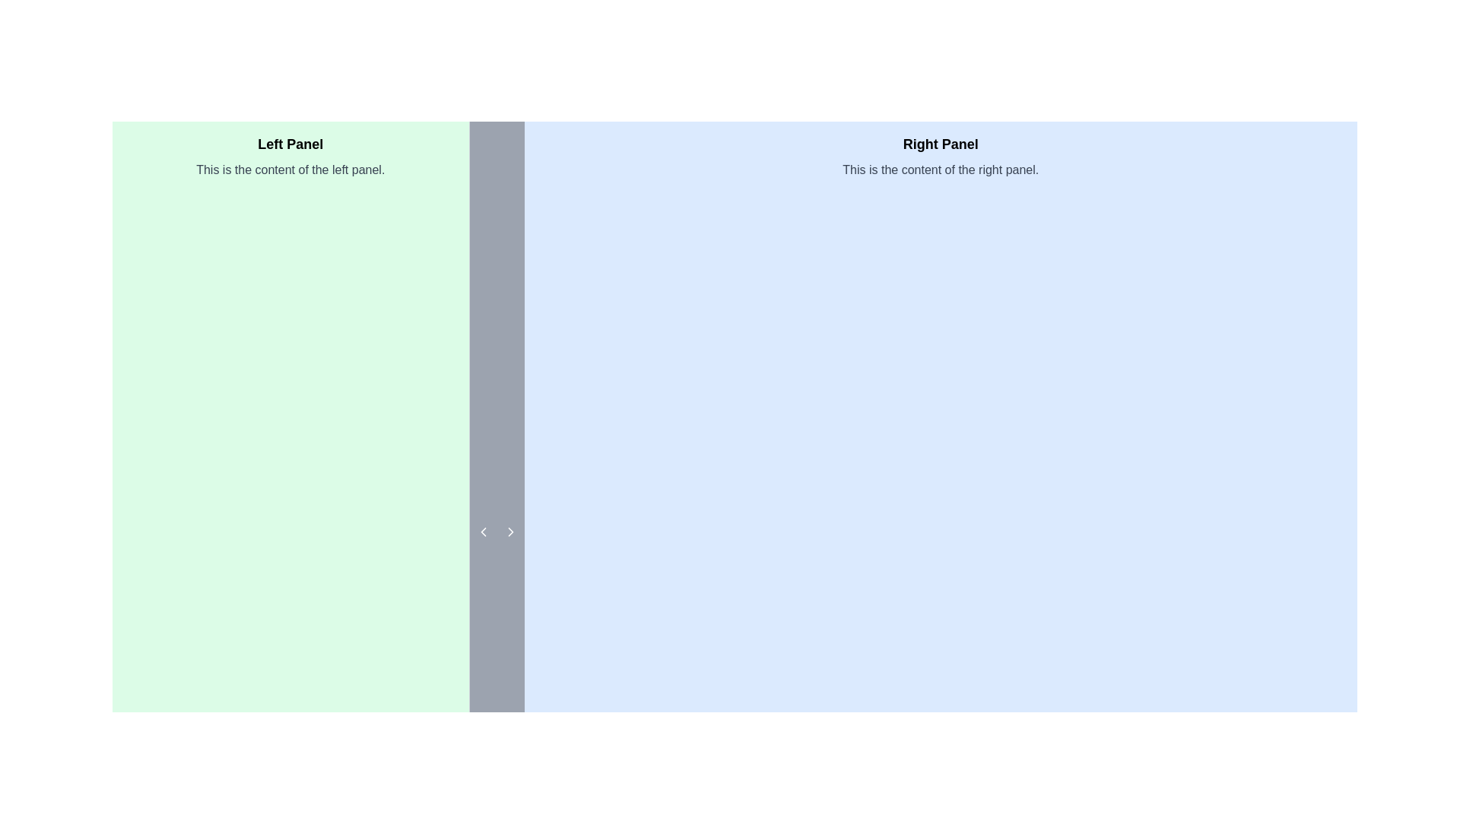 This screenshot has width=1460, height=821. Describe the element at coordinates (482, 531) in the screenshot. I see `keyboard navigation` at that location.